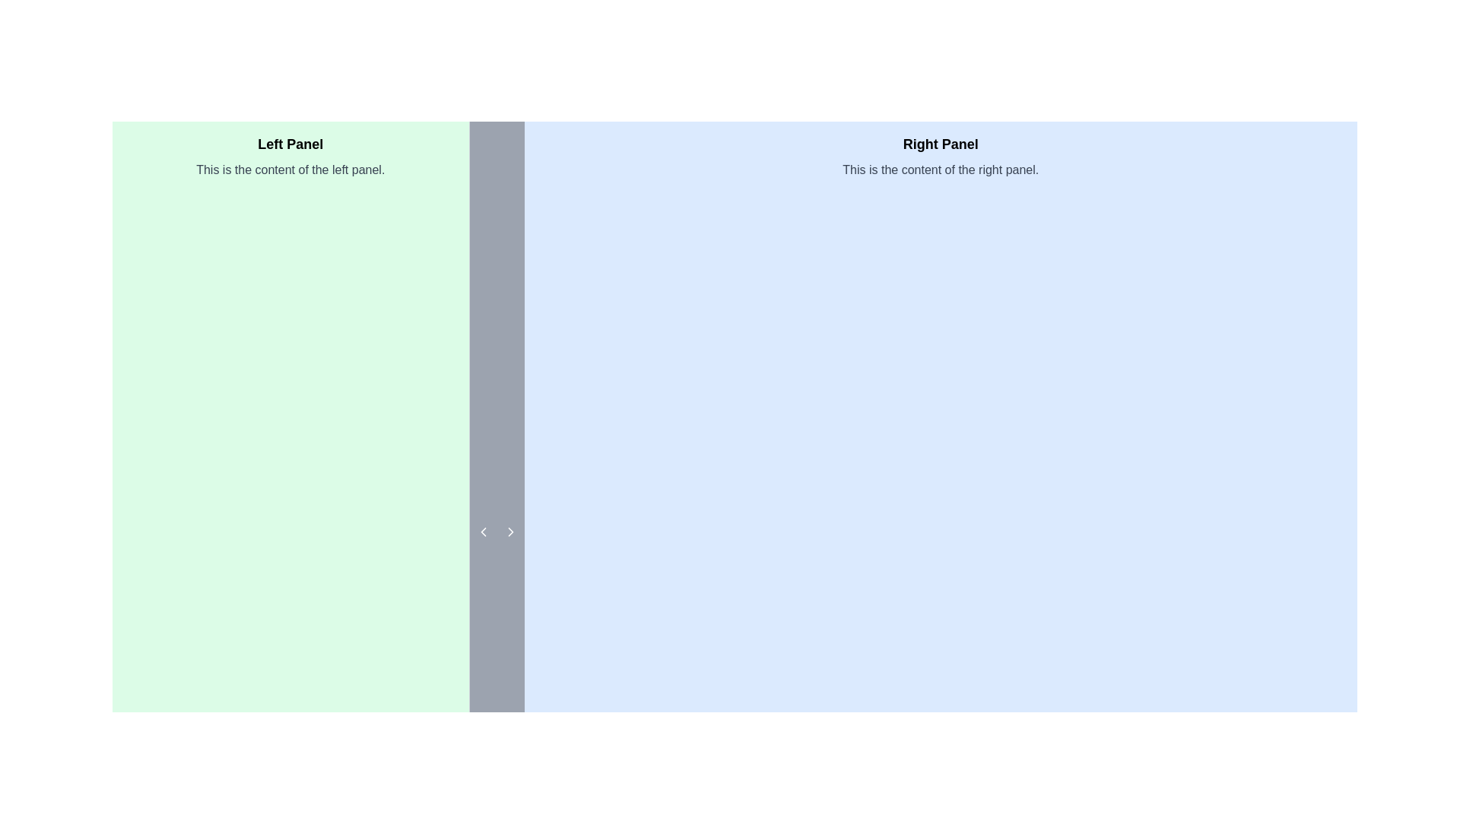 This screenshot has width=1460, height=821. Describe the element at coordinates (482, 531) in the screenshot. I see `keyboard navigation` at that location.